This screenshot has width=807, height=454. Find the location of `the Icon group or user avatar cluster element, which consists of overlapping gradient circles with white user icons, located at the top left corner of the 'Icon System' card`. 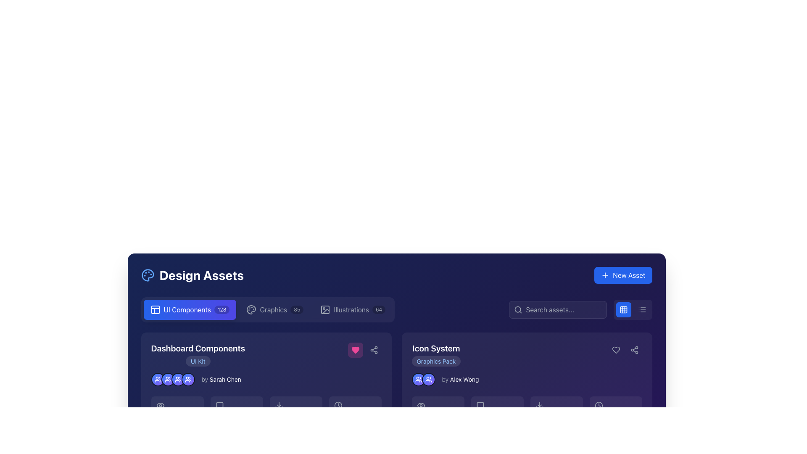

the Icon group or user avatar cluster element, which consists of overlapping gradient circles with white user icons, located at the top left corner of the 'Icon System' card is located at coordinates (423, 379).